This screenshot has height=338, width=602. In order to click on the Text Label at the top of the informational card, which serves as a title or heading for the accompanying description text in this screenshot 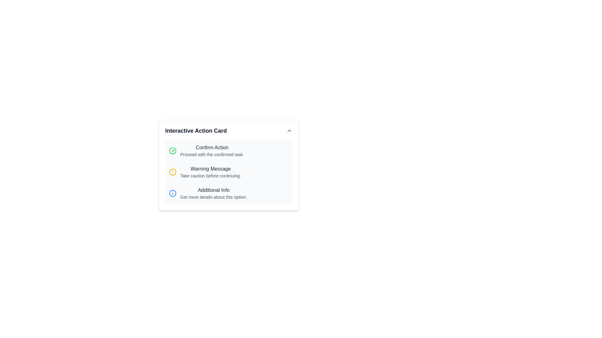, I will do `click(212, 147)`.